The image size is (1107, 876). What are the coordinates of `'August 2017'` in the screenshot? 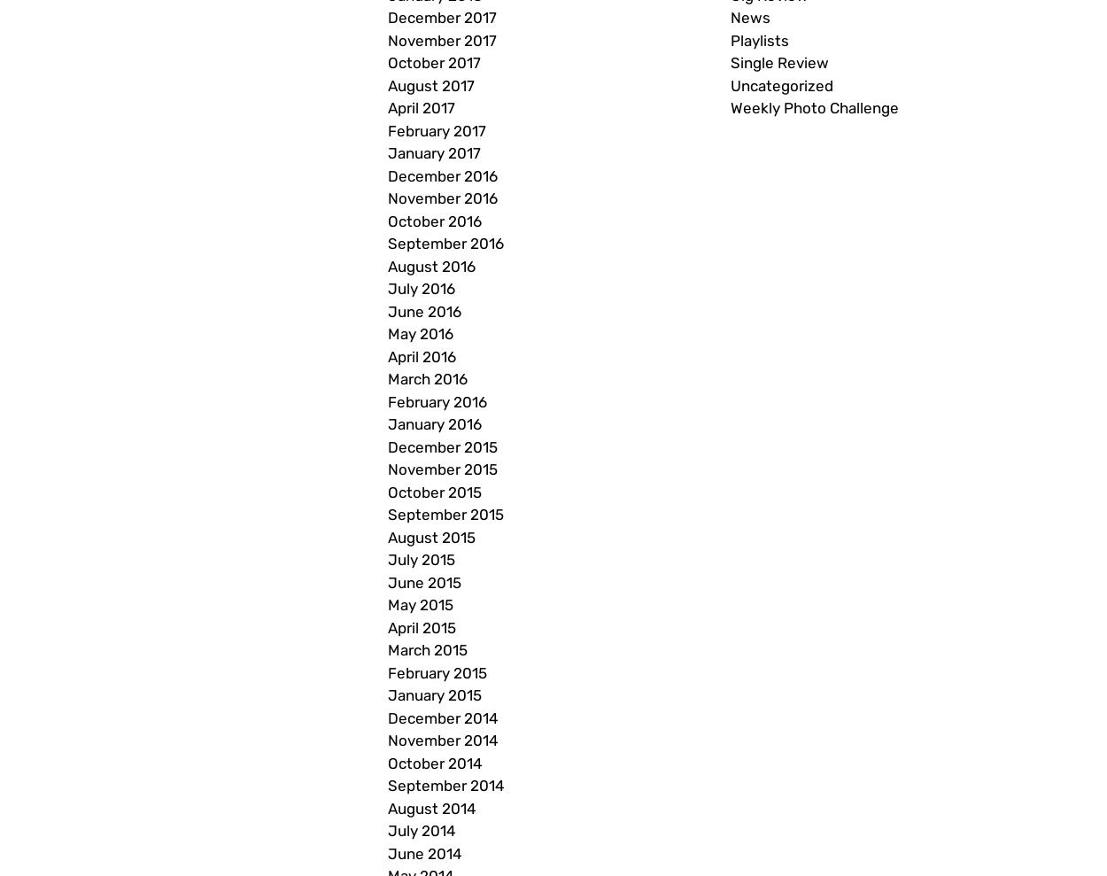 It's located at (430, 85).